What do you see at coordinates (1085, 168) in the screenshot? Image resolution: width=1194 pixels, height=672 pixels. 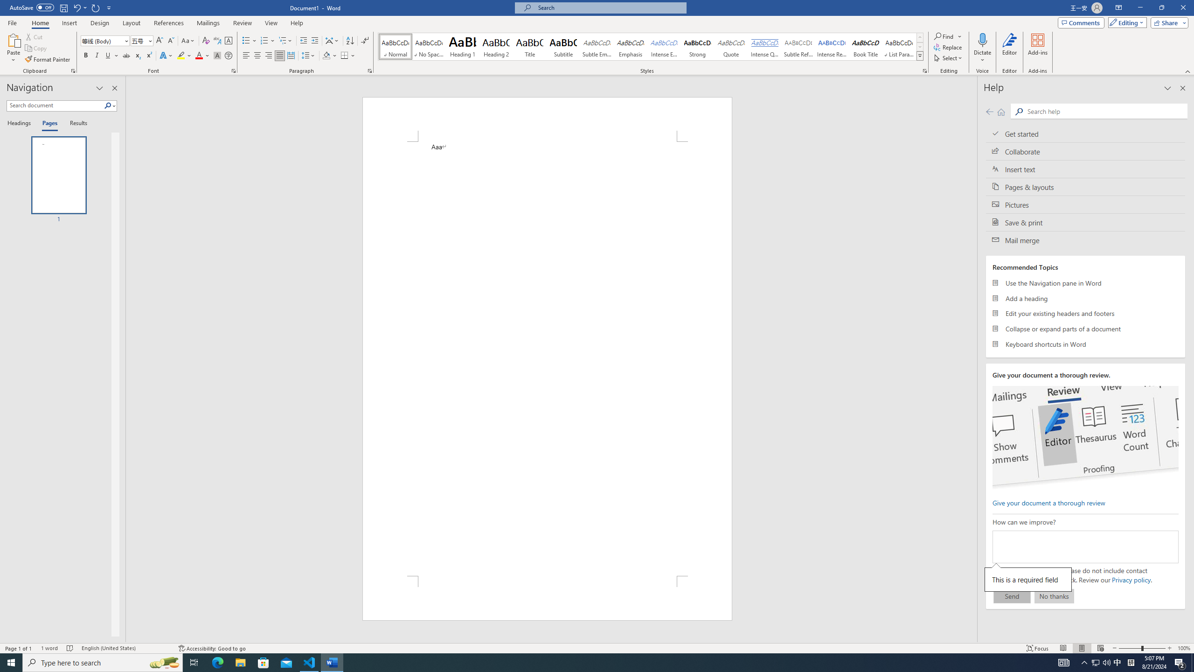 I see `'Insert text'` at bounding box center [1085, 168].